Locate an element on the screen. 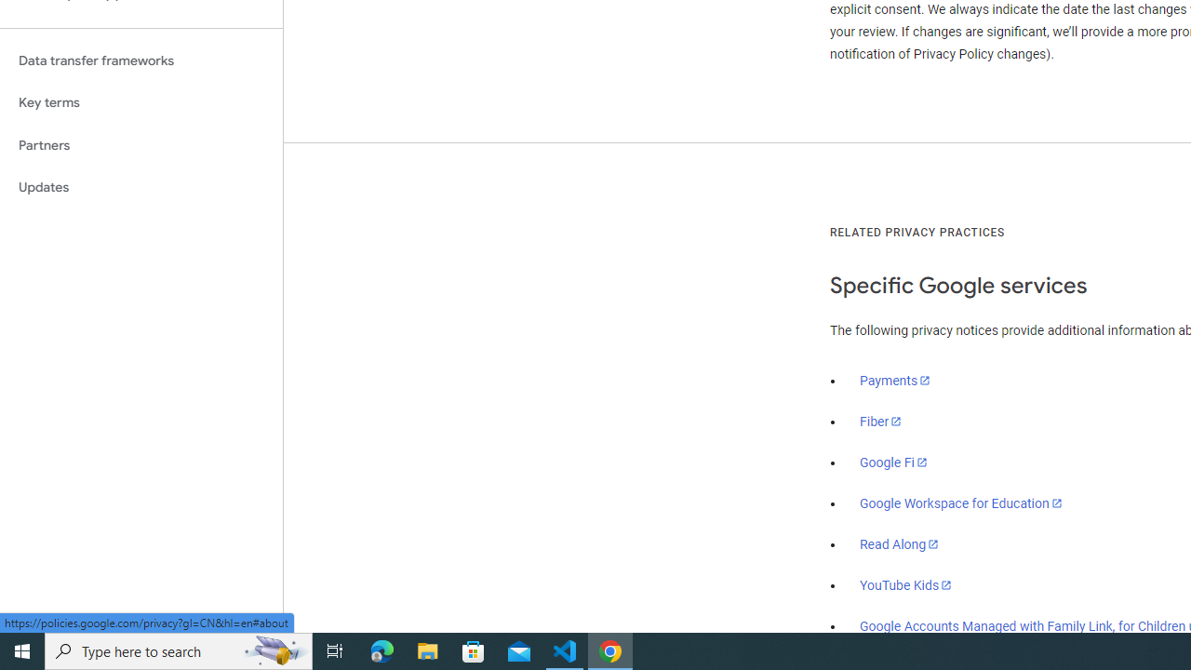 The width and height of the screenshot is (1191, 670). 'Data transfer frameworks' is located at coordinates (141, 60).